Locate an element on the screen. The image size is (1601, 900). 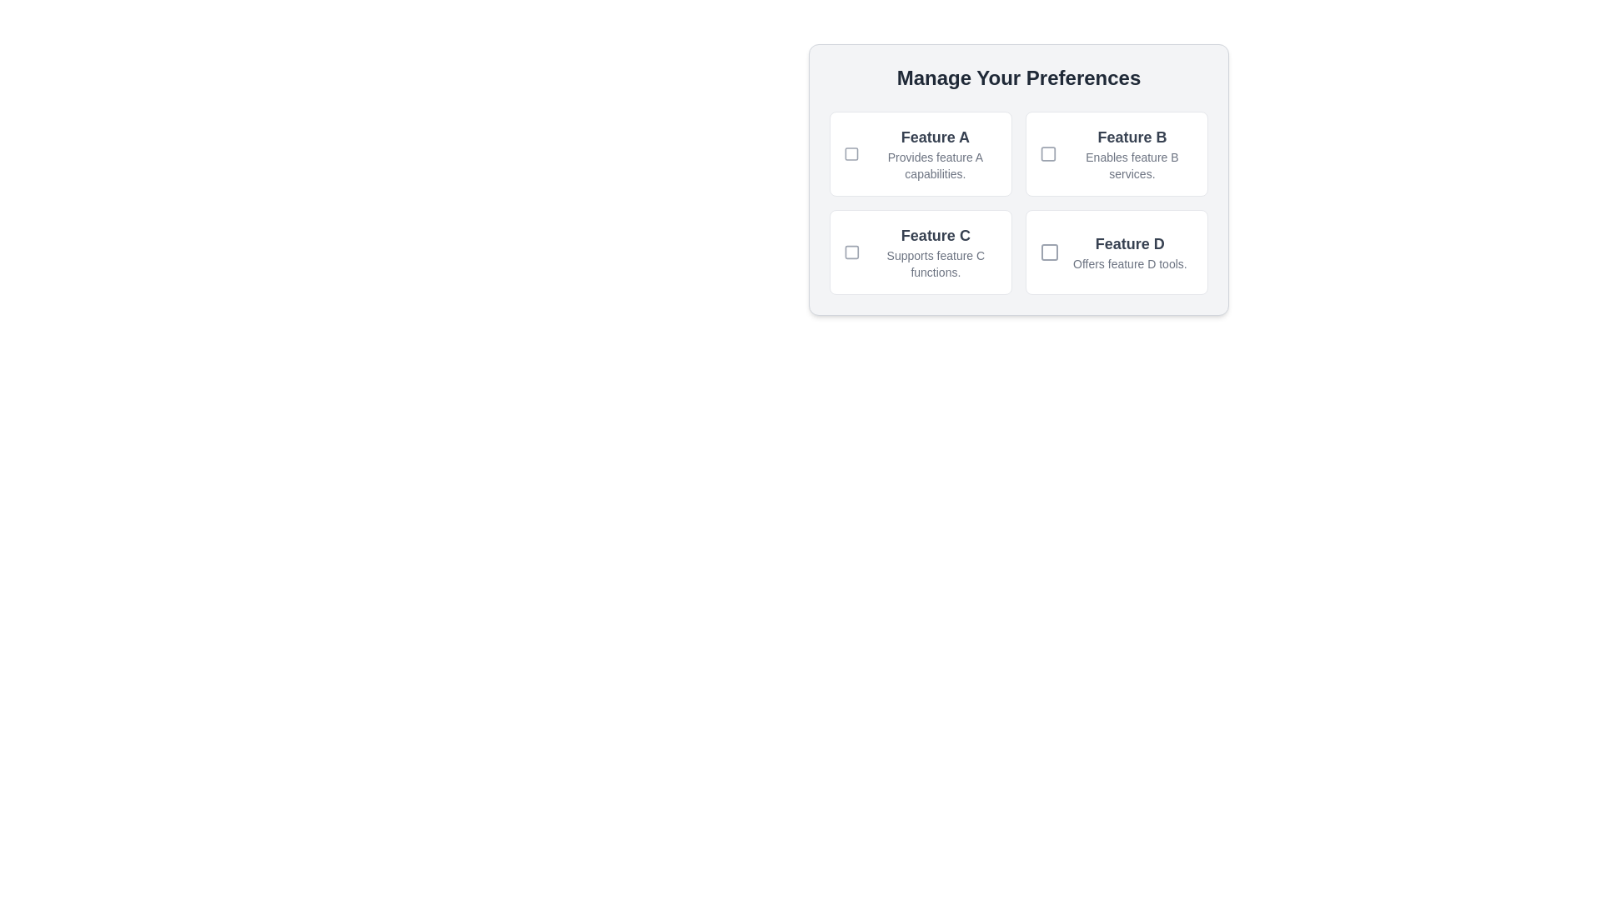
the SVG icon representing the 'Feature D' preference located in the lower-right corner of the grid under 'Manage Your Preferences' is located at coordinates (1048, 252).